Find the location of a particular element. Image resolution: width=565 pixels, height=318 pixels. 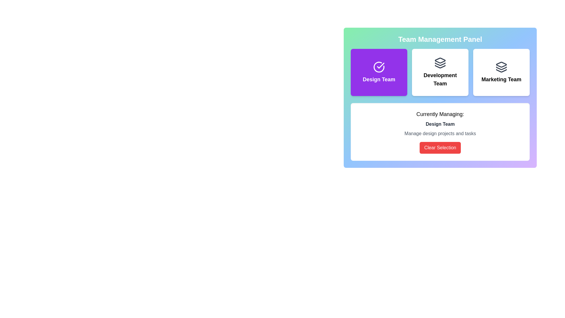

text label that describes the purpose of the purple button for selecting or interacting with the 'Design Team' group in the management system is located at coordinates (379, 79).